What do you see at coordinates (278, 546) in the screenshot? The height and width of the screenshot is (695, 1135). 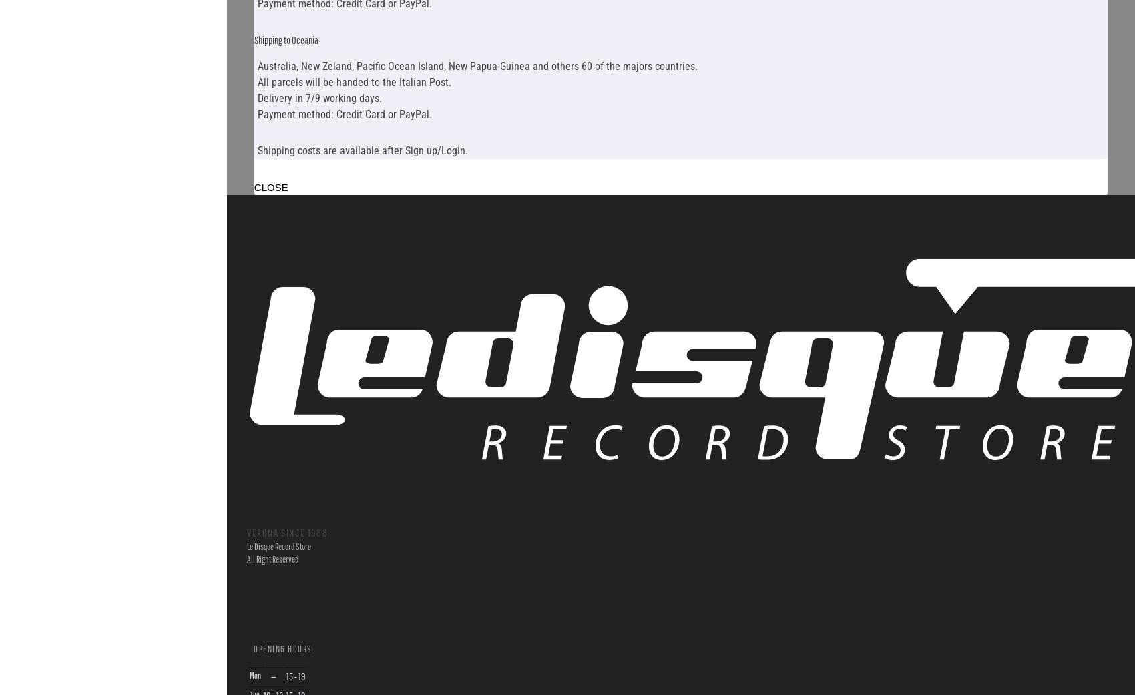 I see `'Le Disque Record Store'` at bounding box center [278, 546].